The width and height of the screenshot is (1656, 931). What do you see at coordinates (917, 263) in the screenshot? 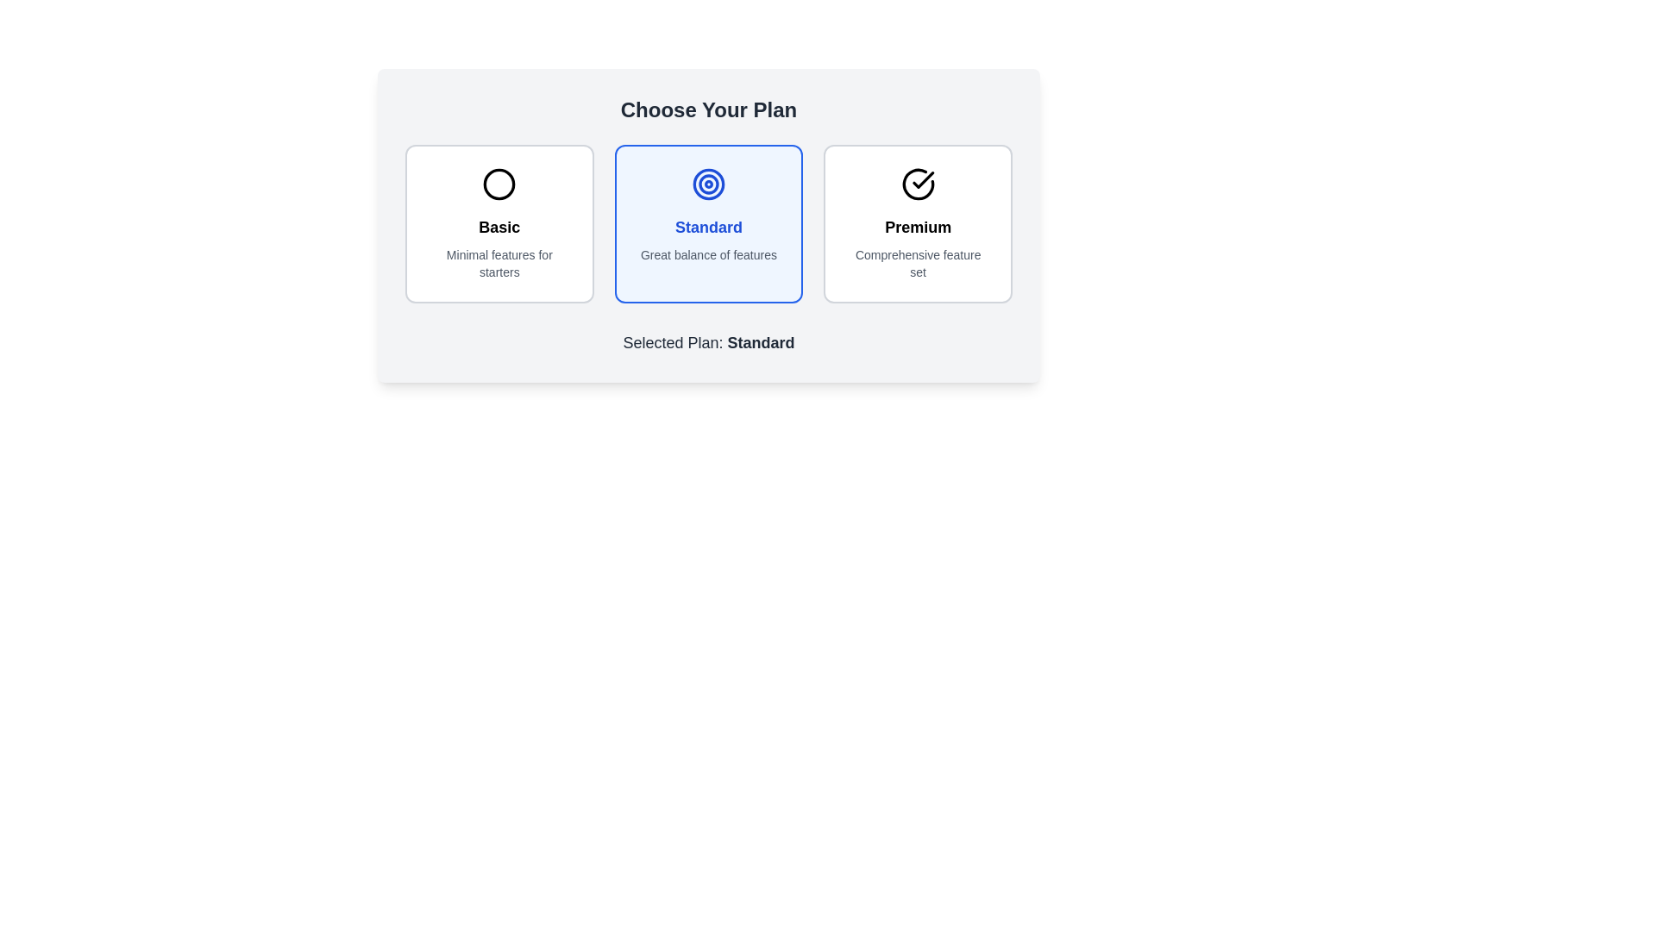
I see `the text label displaying 'Comprehensive feature set' located at the bottom of the 'Premium' plan card in the rightmost column` at bounding box center [917, 263].